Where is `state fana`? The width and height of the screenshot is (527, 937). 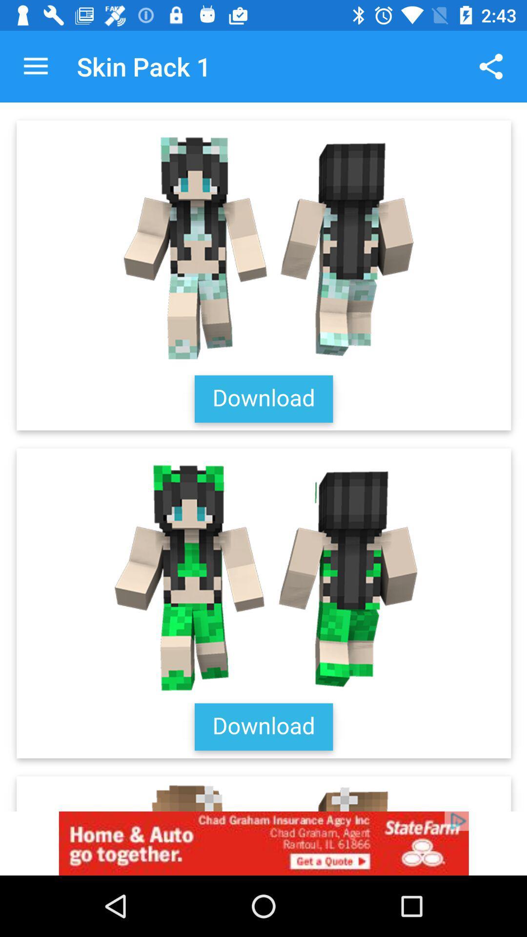
state fana is located at coordinates (263, 843).